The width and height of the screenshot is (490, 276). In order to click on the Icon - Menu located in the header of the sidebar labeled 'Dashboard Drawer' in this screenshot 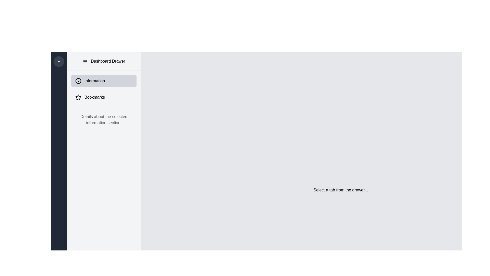, I will do `click(85, 61)`.